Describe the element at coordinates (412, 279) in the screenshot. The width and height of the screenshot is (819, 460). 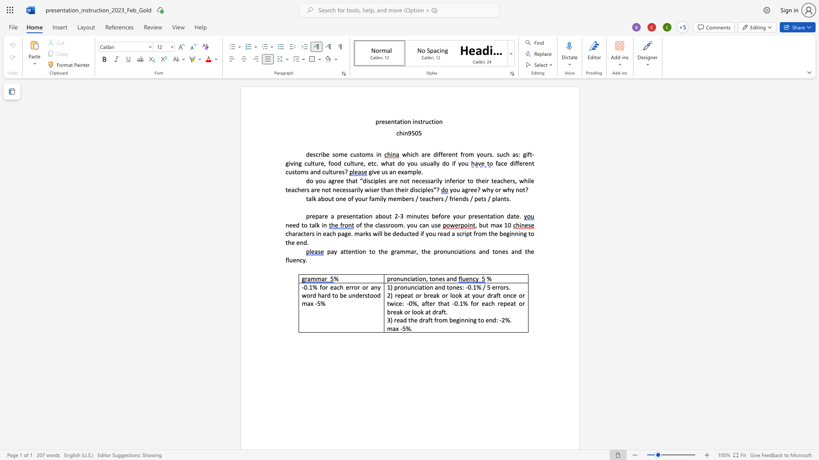
I see `the space between the continuous character "i" and "a" in the text` at that location.